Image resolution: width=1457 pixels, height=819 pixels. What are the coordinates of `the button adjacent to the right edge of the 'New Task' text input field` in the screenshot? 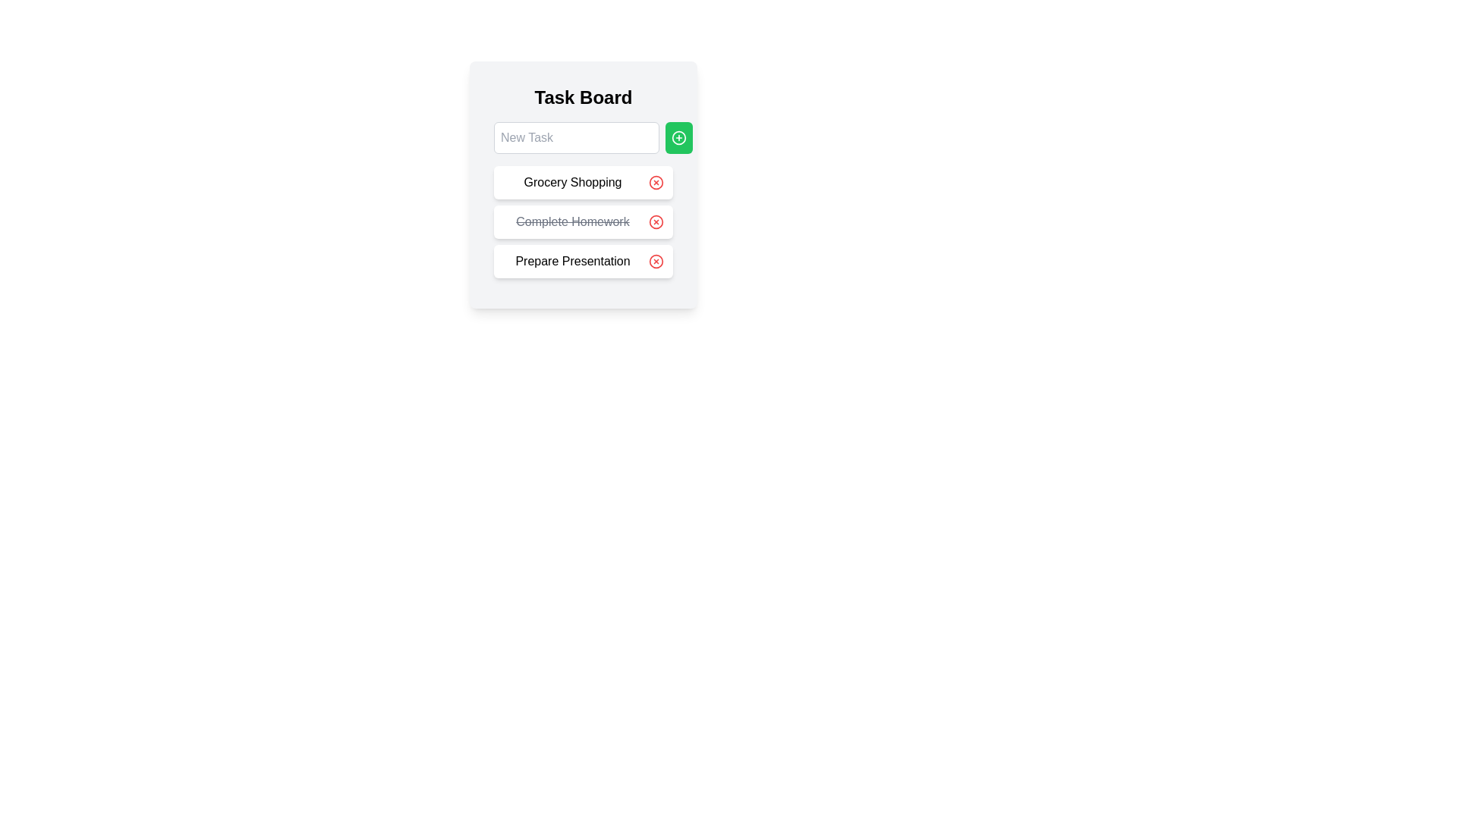 It's located at (678, 137).